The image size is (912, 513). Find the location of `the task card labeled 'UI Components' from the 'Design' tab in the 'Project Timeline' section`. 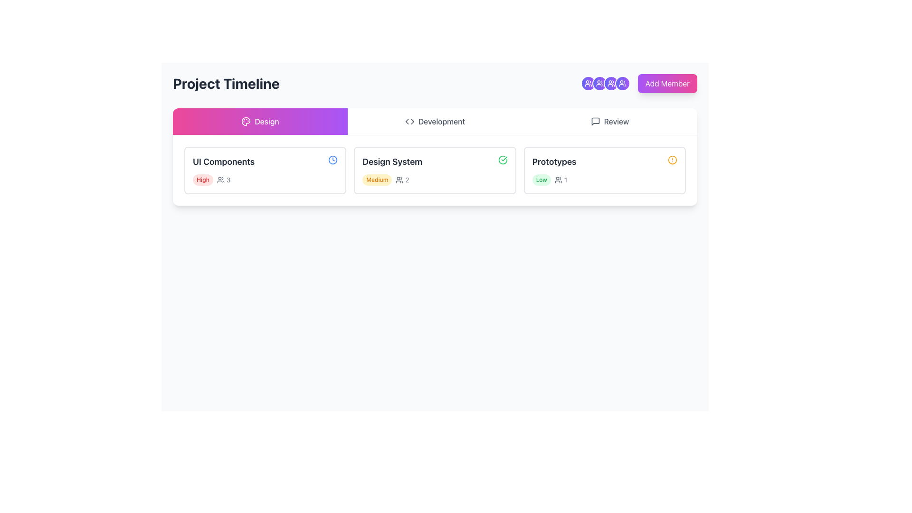

the task card labeled 'UI Components' from the 'Design' tab in the 'Project Timeline' section is located at coordinates (265, 170).